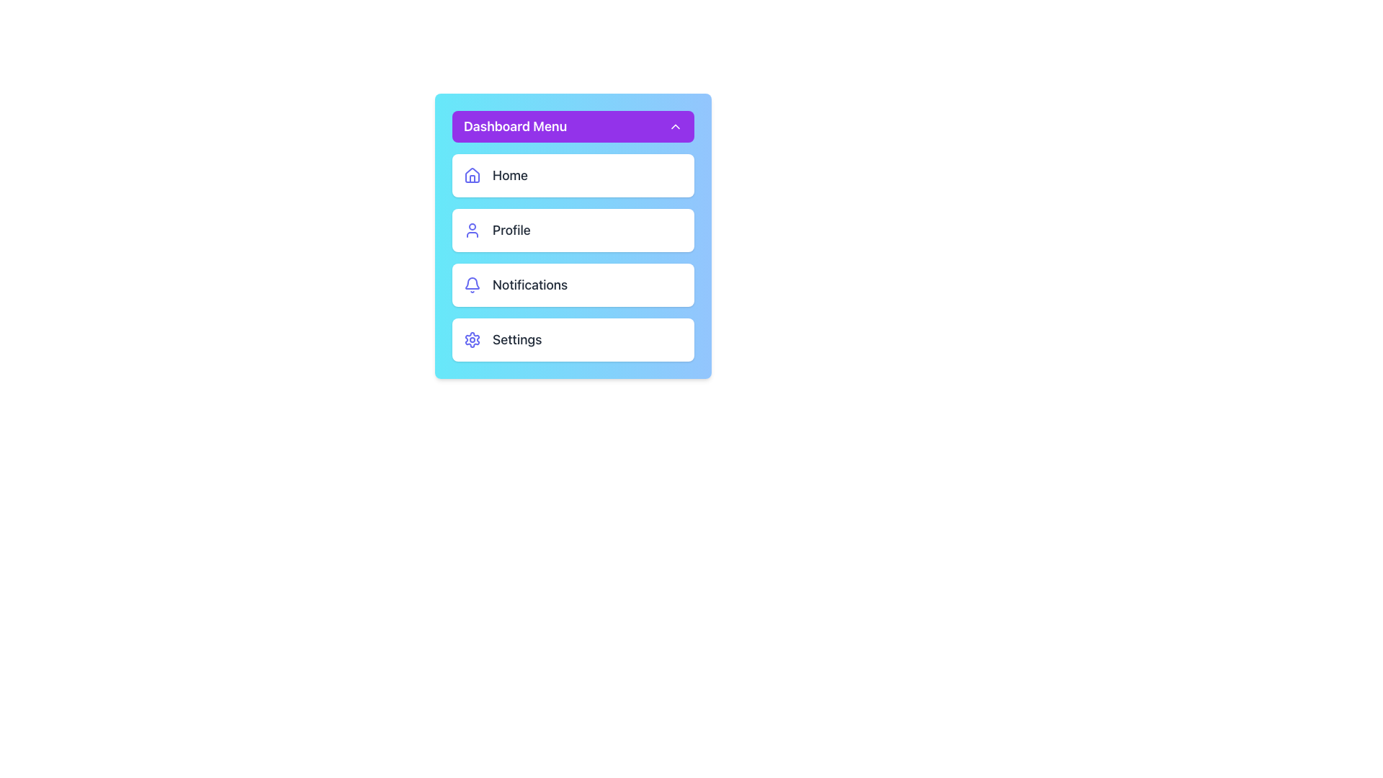 This screenshot has width=1383, height=778. I want to click on the 'Home' menu icon located to the left of the text 'Home' within the 'Dashboard Menu', so click(473, 174).